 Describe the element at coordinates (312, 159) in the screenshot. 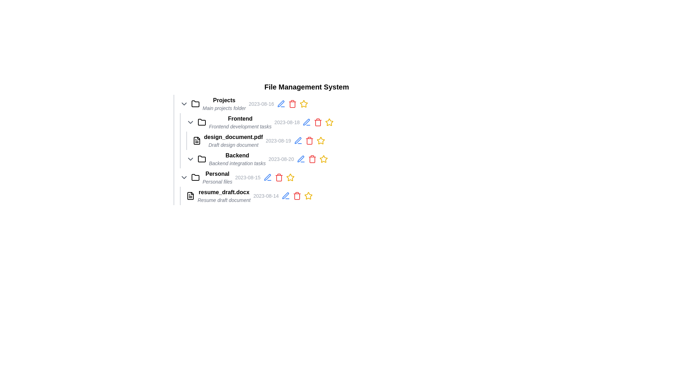

I see `the yellow star icon in the 'Backend' folder item to mark it as favorite` at that location.